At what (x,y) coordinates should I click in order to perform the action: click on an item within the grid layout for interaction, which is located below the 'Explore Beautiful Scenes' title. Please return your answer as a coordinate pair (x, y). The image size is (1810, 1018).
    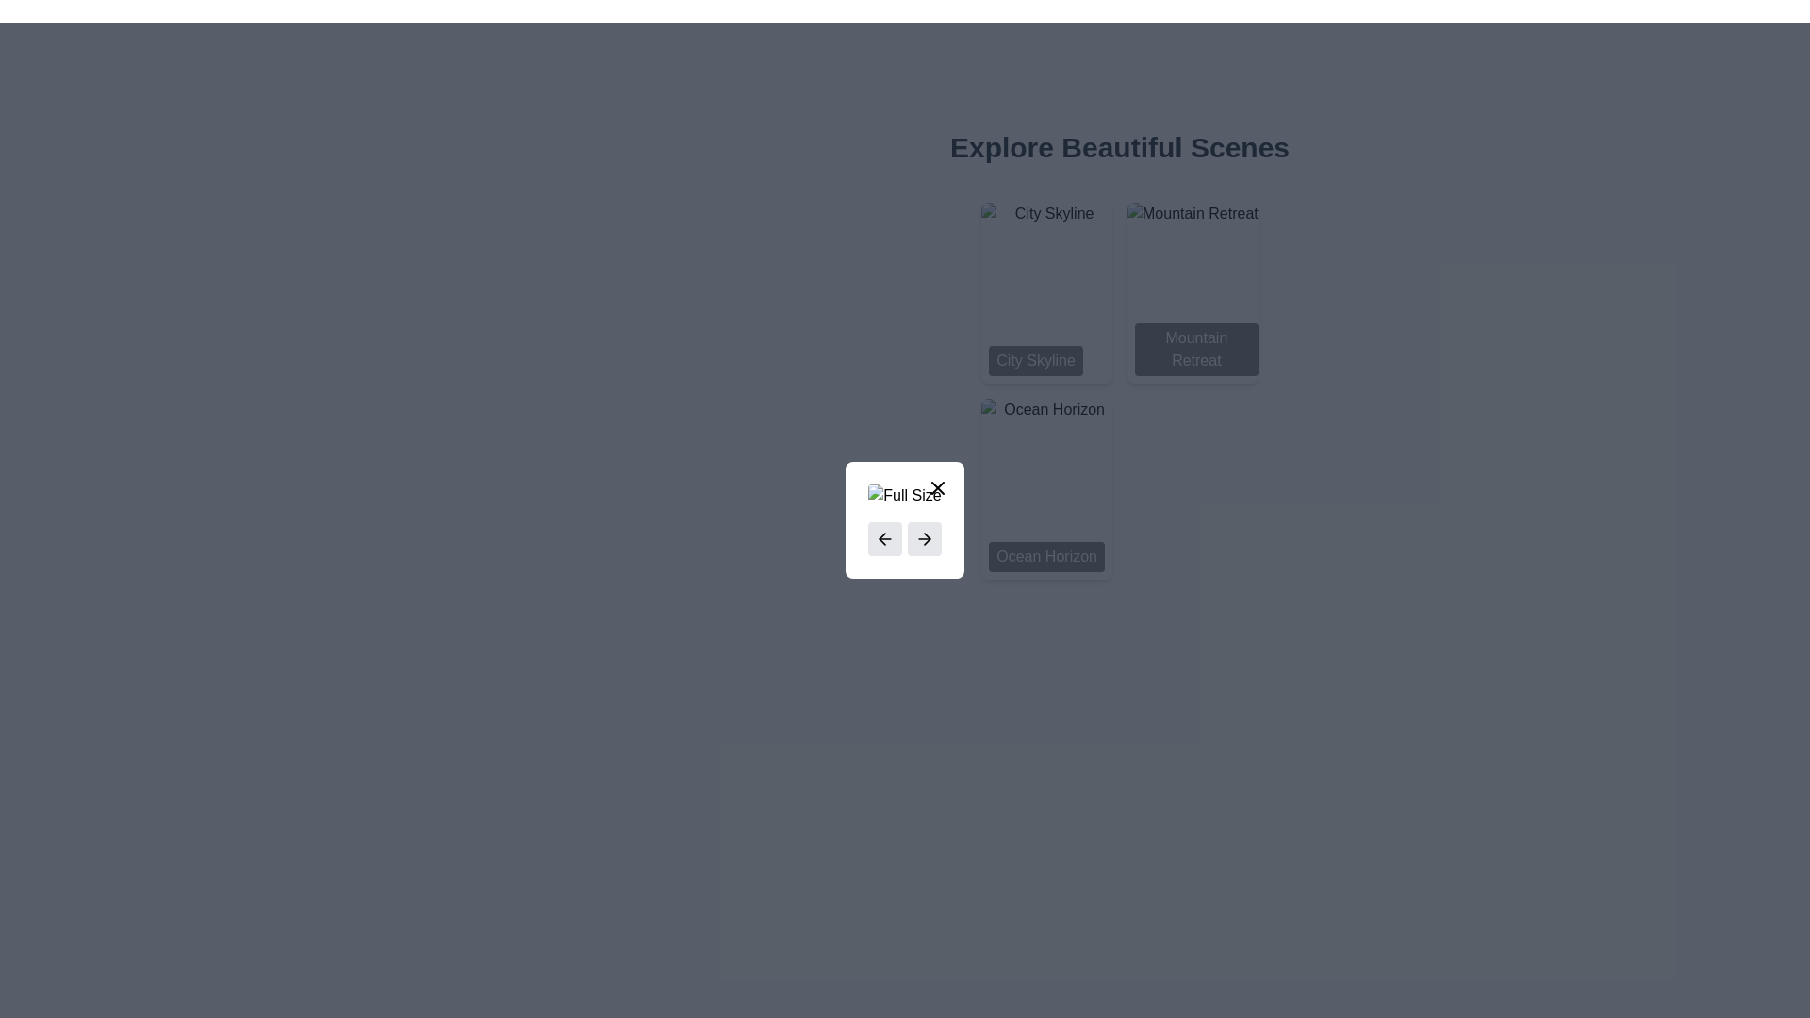
    Looking at the image, I should click on (1120, 390).